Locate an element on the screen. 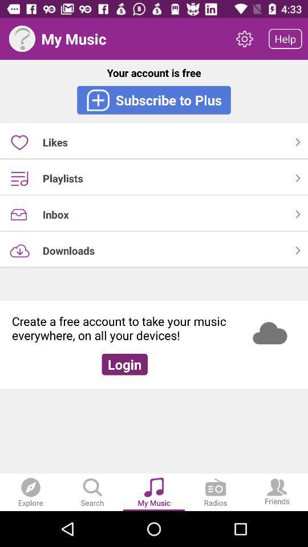 This screenshot has width=308, height=547. the item next to my music icon is located at coordinates (22, 39).